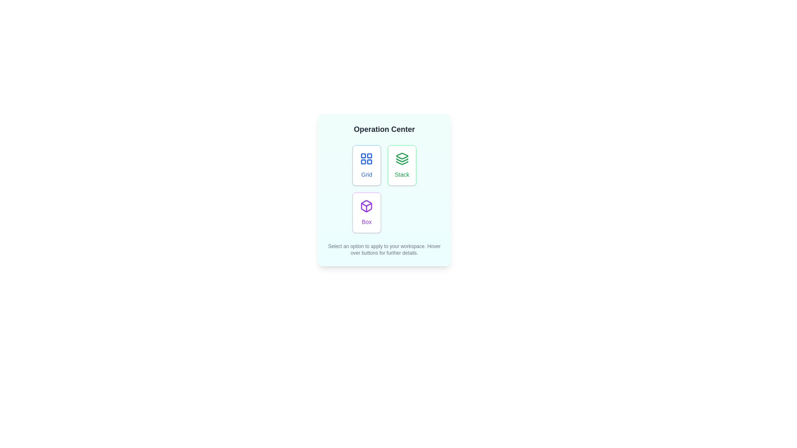  What do you see at coordinates (402, 165) in the screenshot?
I see `the 'Stack' button in the 'Operation Center'` at bounding box center [402, 165].